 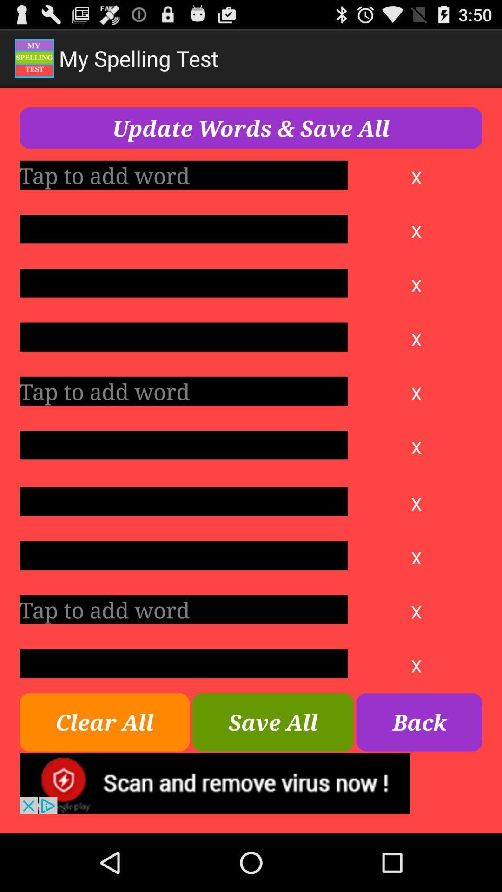 I want to click on one box, so click(x=183, y=175).